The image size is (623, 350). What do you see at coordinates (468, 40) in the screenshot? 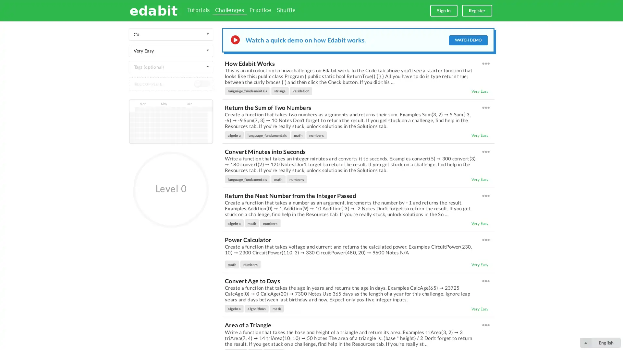
I see `WATCH DEMO` at bounding box center [468, 40].